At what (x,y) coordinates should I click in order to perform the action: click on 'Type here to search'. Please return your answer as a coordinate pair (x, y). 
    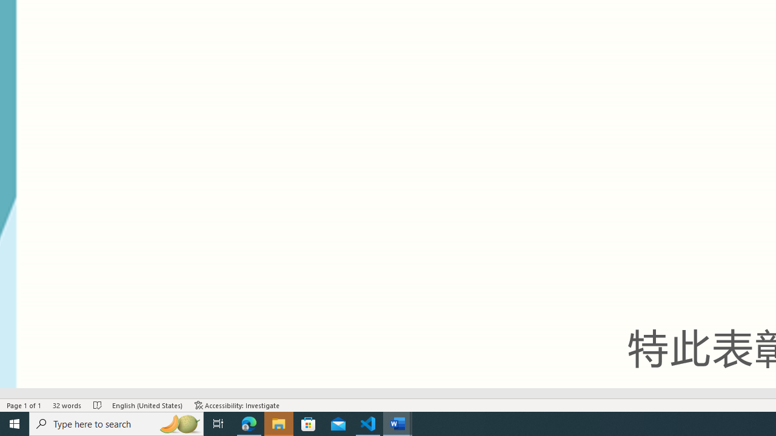
    Looking at the image, I should click on (116, 423).